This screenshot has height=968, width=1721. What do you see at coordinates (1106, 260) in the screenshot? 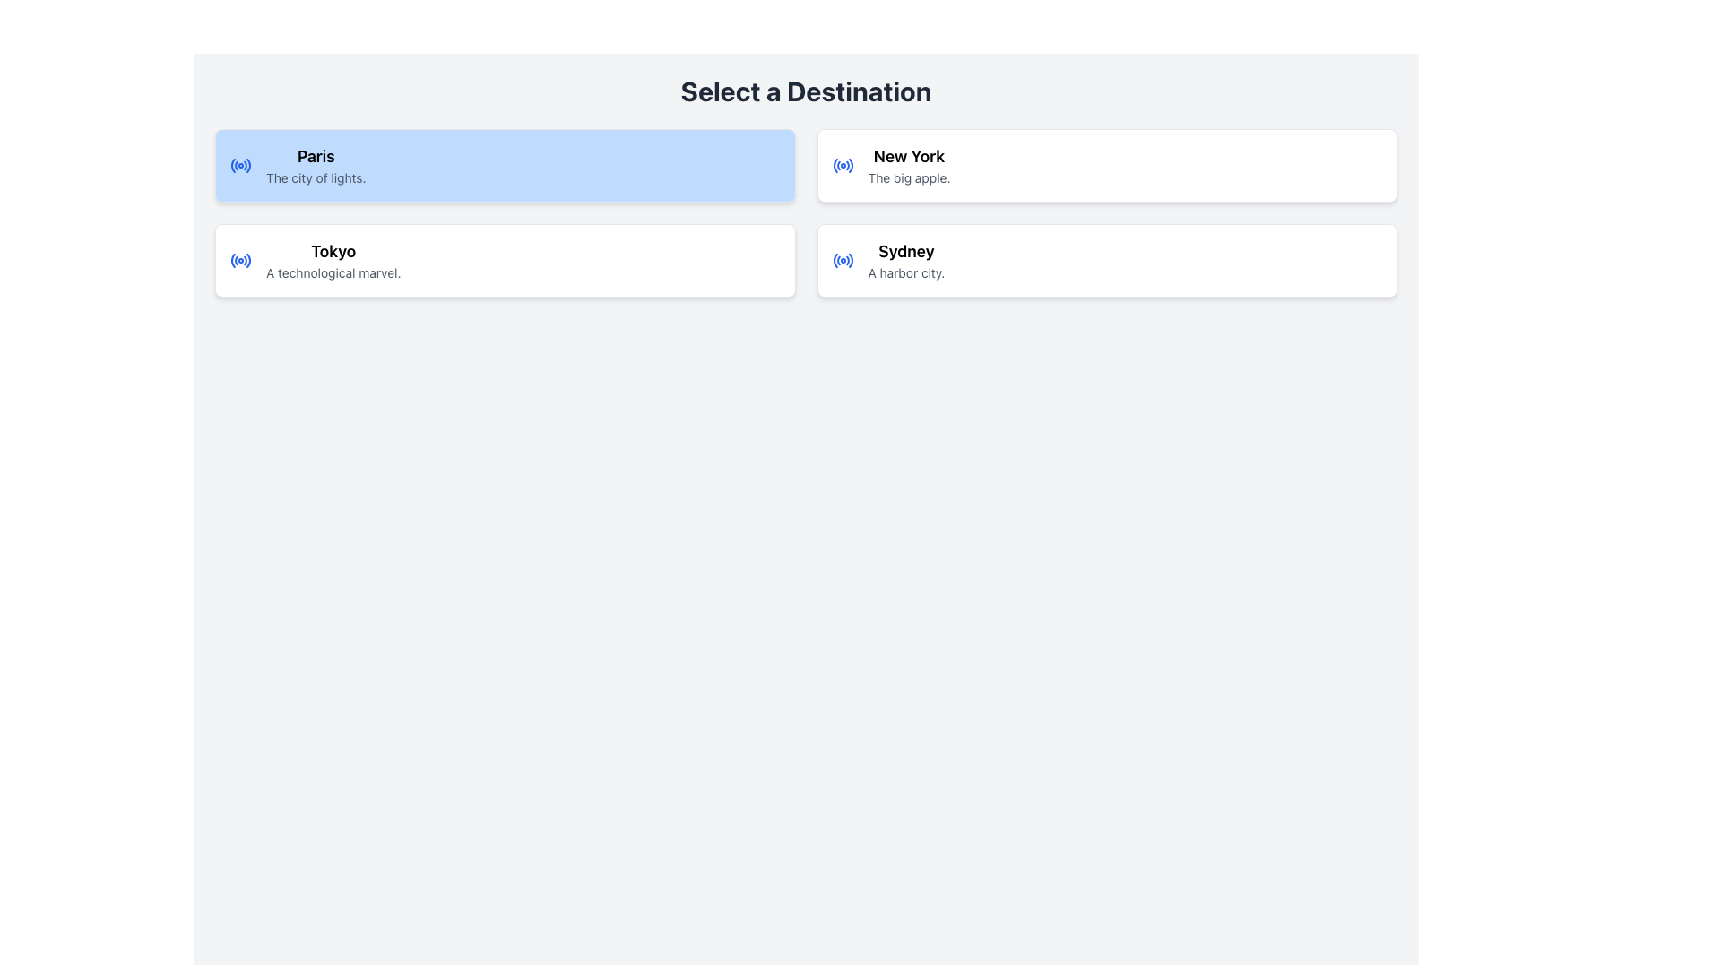
I see `the 'Sydney' destination selection card located in the bottom-right corner of the 2x2 grid layout` at bounding box center [1106, 260].